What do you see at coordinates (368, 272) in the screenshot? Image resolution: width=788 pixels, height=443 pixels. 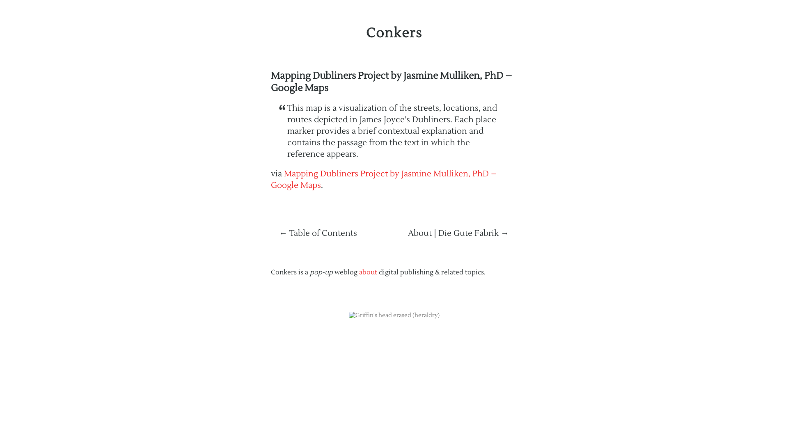 I see `'about'` at bounding box center [368, 272].